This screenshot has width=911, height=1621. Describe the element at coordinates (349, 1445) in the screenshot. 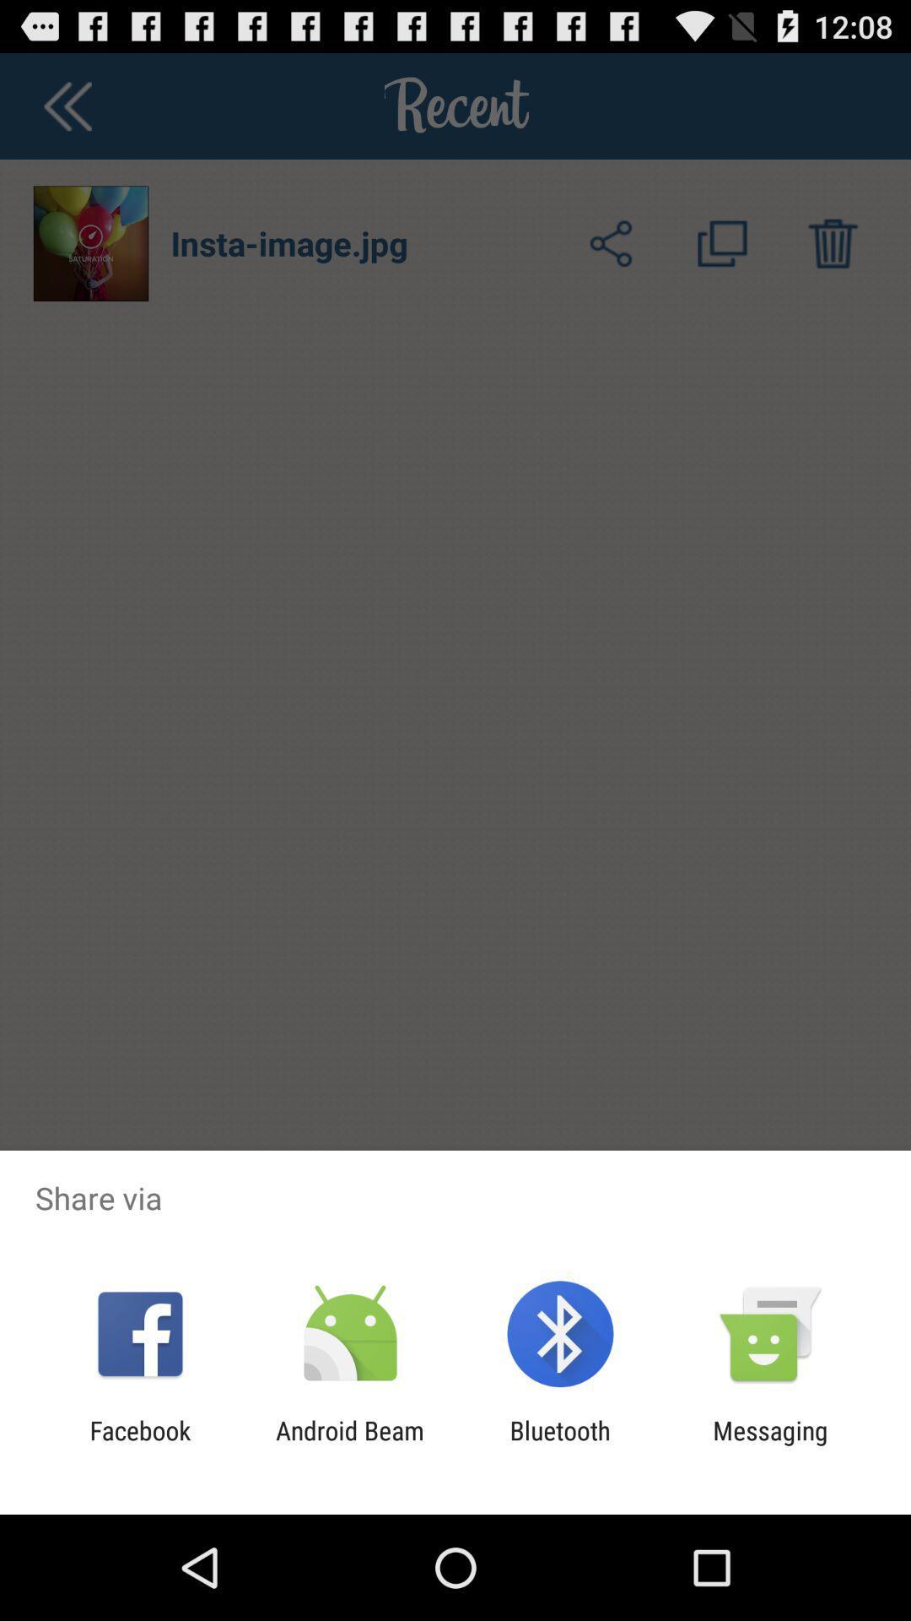

I see `the android beam icon` at that location.